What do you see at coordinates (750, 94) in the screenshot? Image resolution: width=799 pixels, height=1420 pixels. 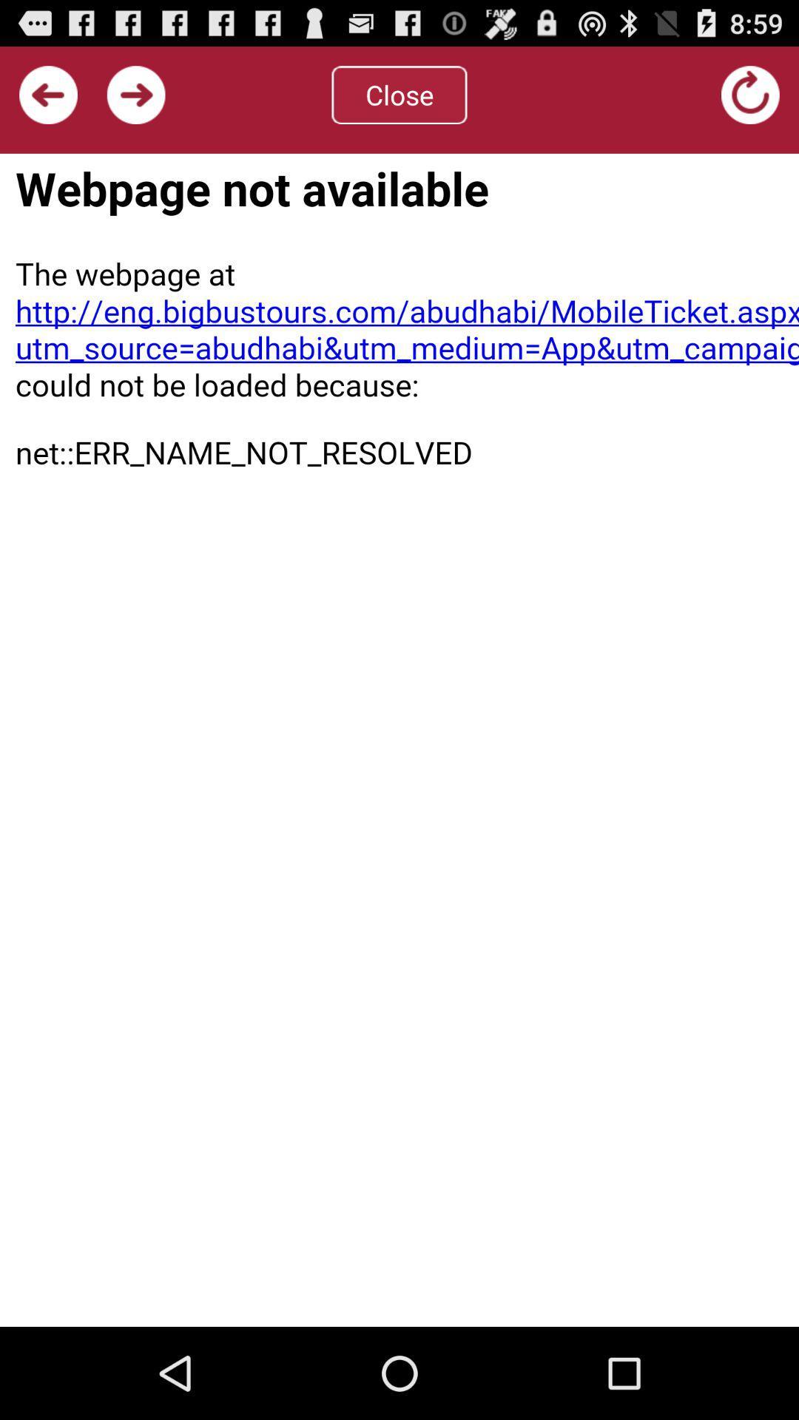 I see `rotational option` at bounding box center [750, 94].